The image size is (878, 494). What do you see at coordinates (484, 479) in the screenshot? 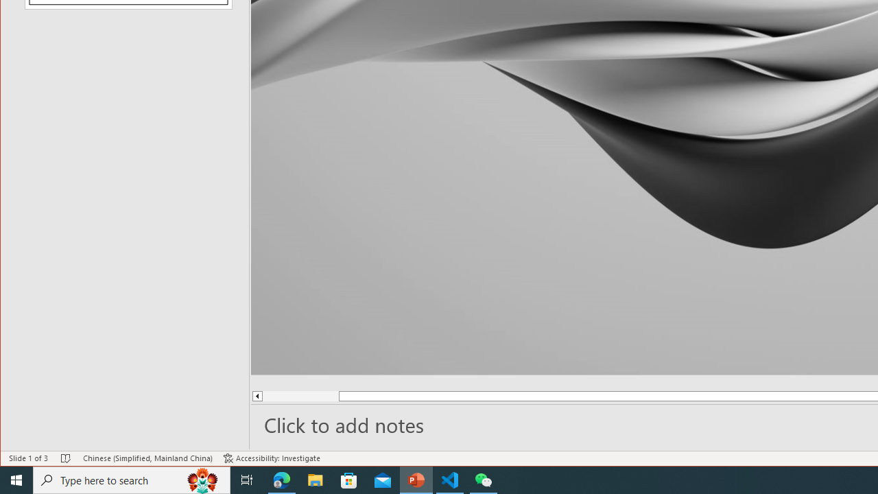
I see `'WeChat - 1 running window'` at bounding box center [484, 479].